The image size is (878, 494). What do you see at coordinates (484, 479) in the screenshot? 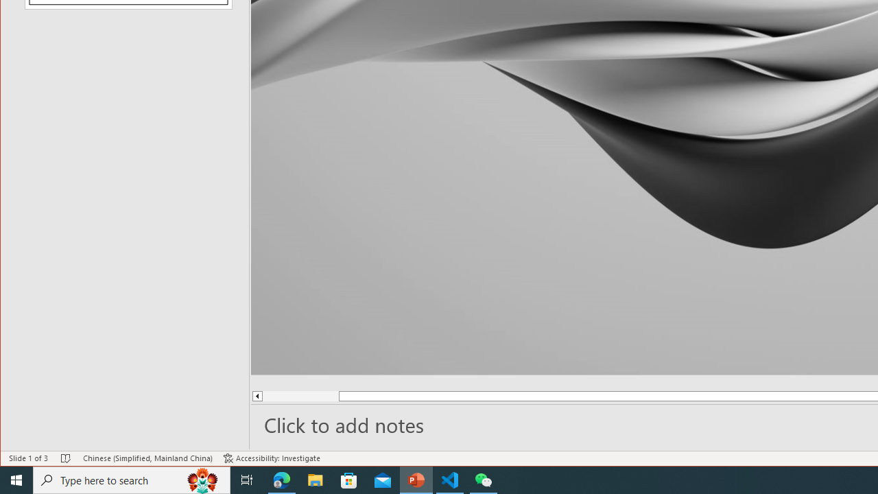
I see `'WeChat - 1 running window'` at bounding box center [484, 479].